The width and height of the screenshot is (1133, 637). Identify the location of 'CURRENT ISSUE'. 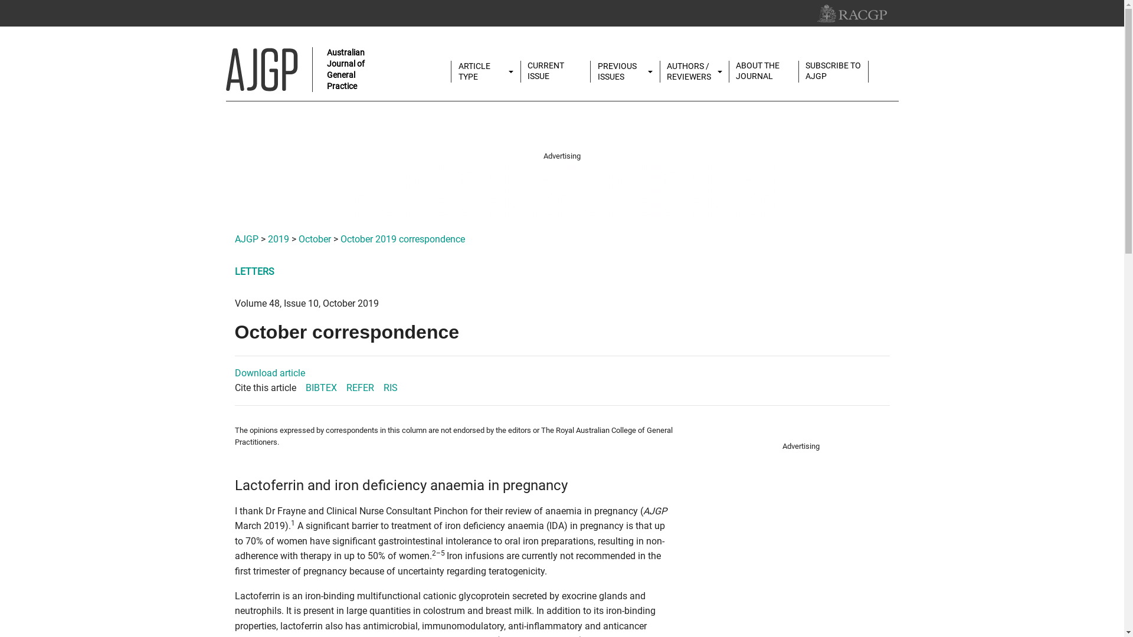
(555, 71).